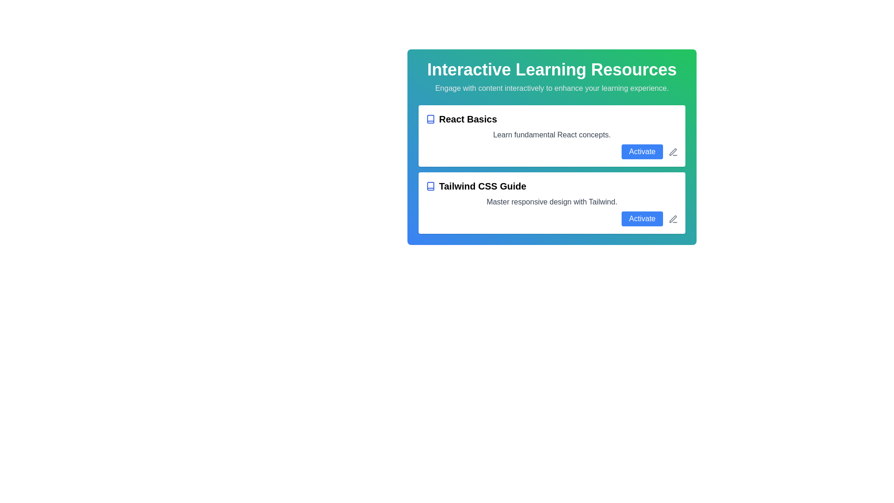 This screenshot has height=503, width=894. What do you see at coordinates (430, 118) in the screenshot?
I see `the icon representing the 'React Basics' content, located to the immediate left of the text 'React Basics' in the 'Interactive Learning Resources' section` at bounding box center [430, 118].